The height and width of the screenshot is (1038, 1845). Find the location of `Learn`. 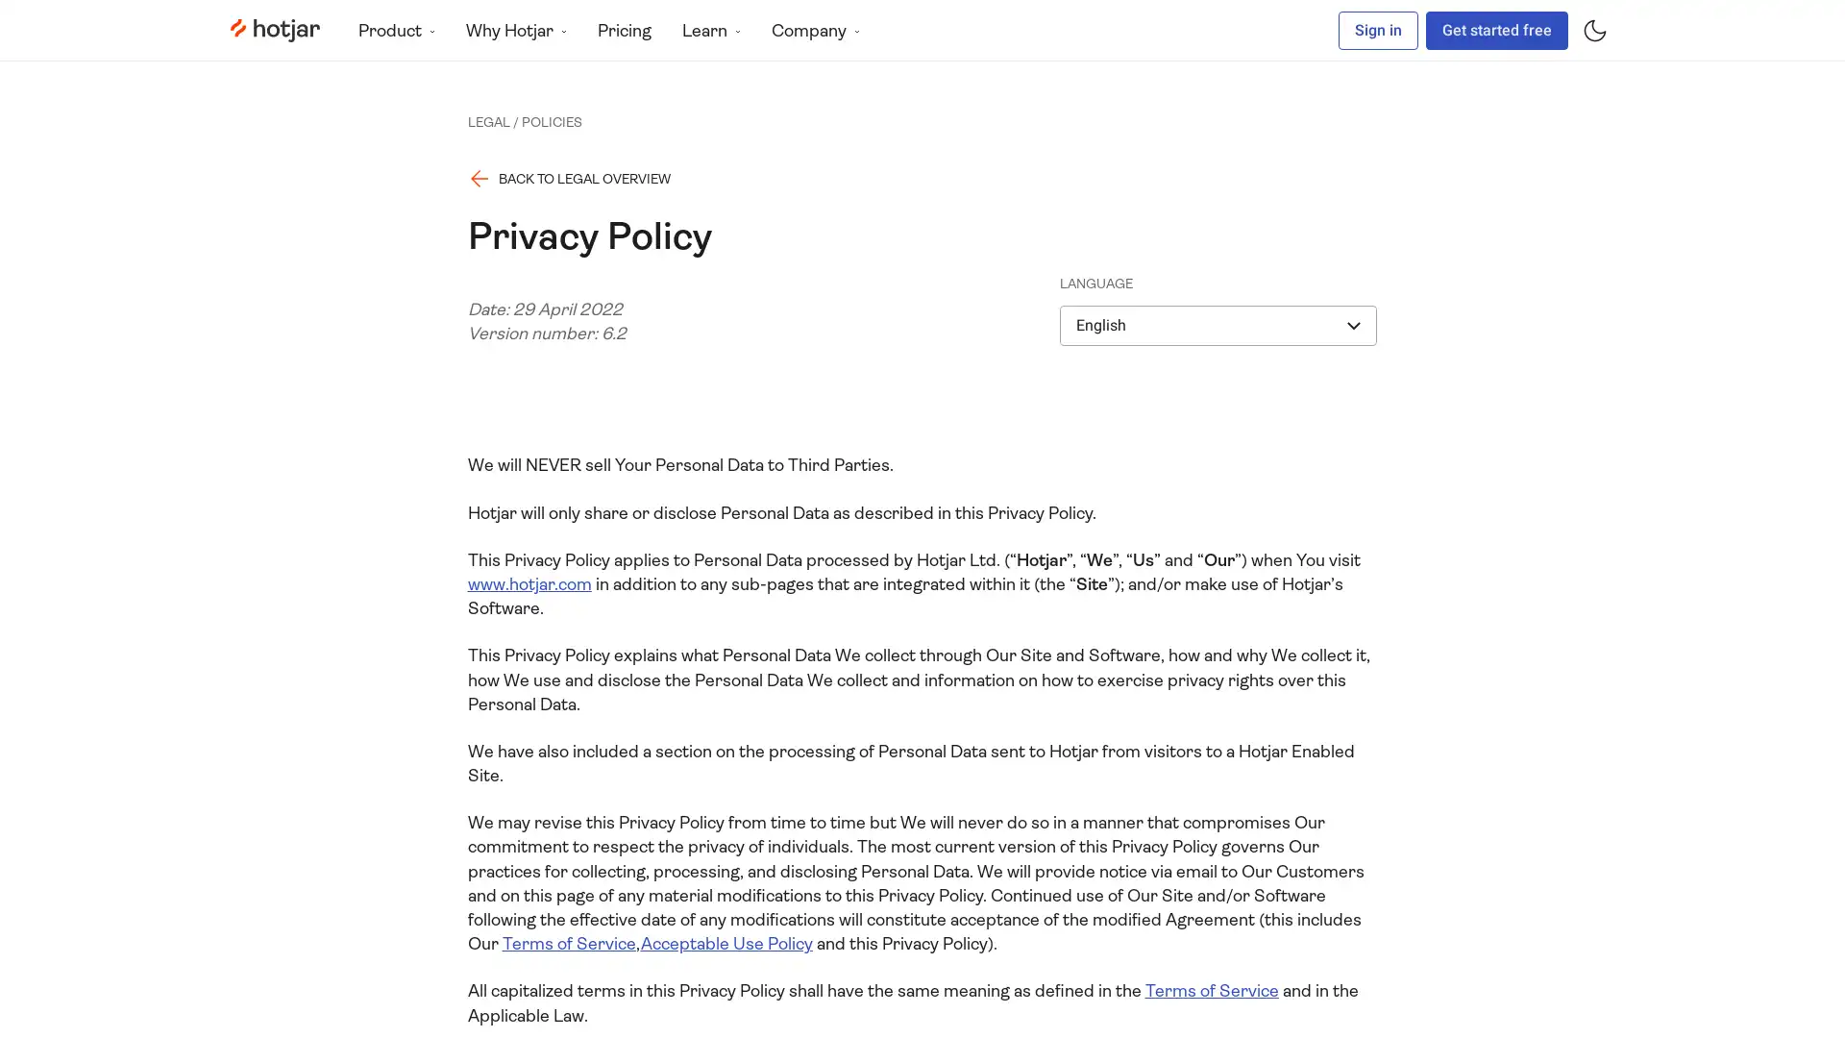

Learn is located at coordinates (710, 30).